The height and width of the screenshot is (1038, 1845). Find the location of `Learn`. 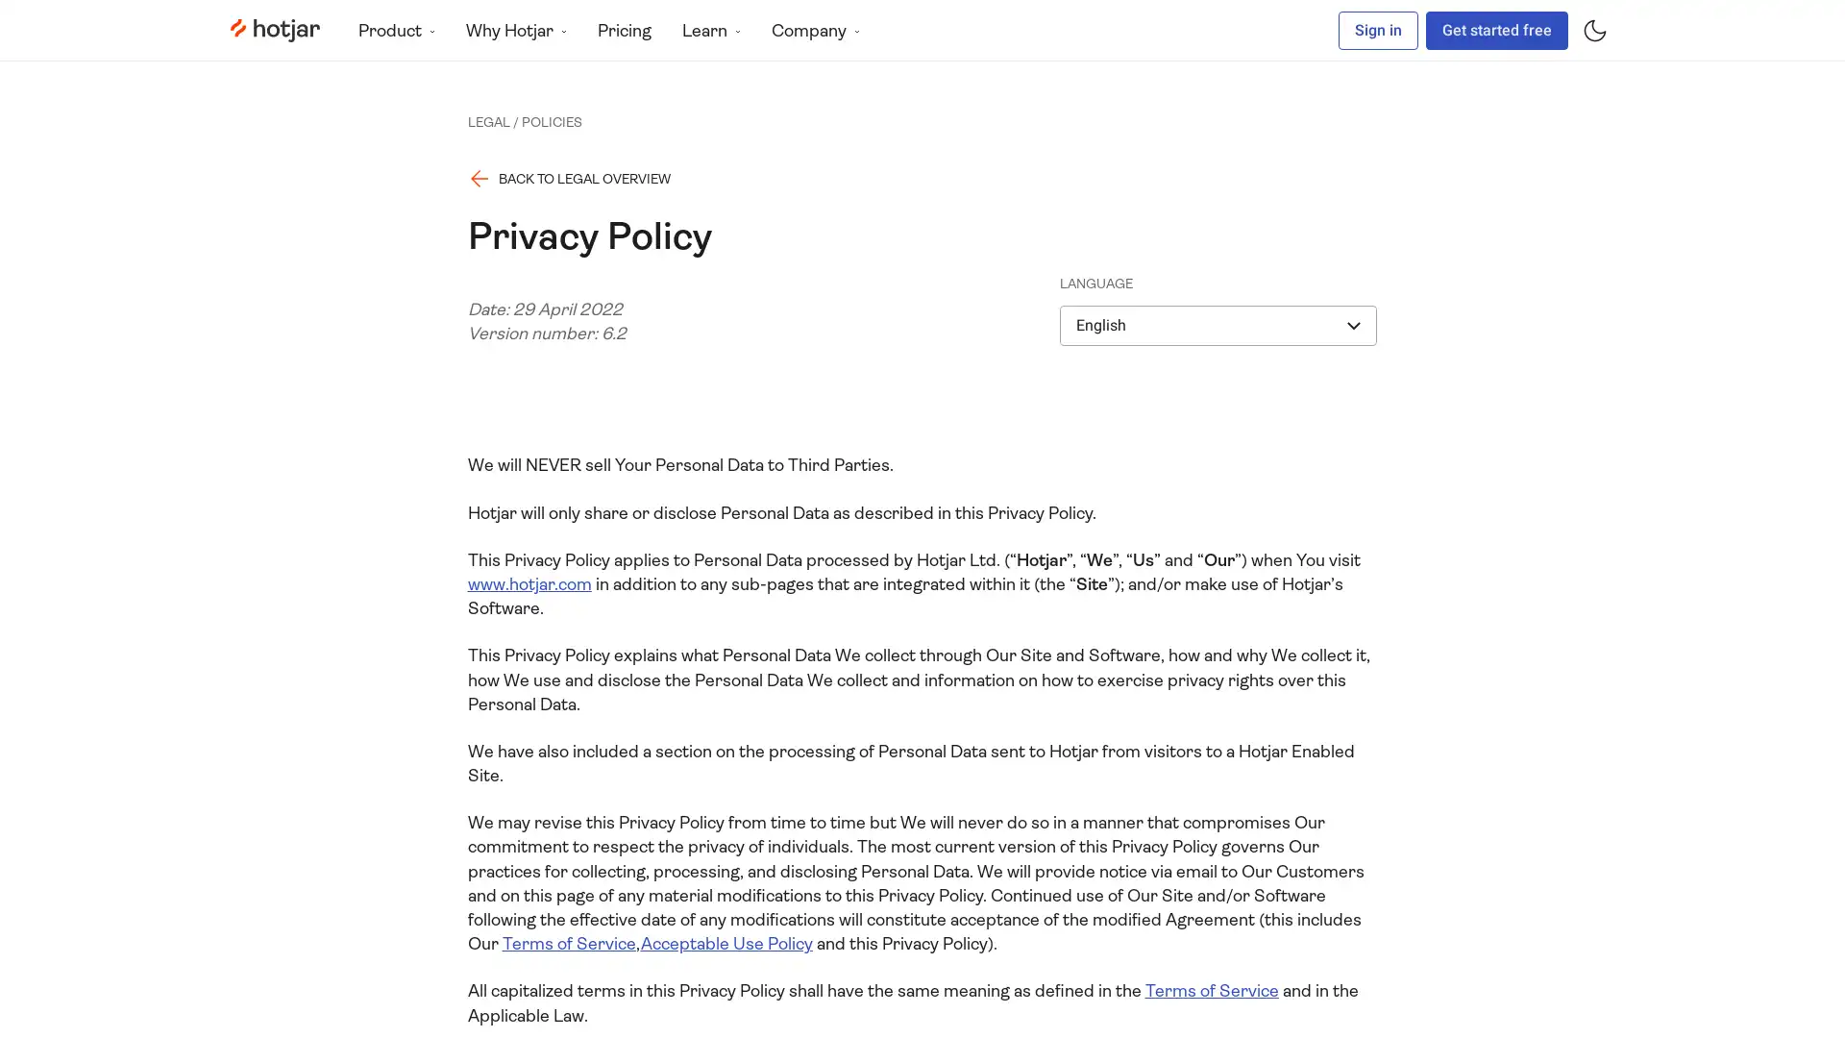

Learn is located at coordinates (710, 30).